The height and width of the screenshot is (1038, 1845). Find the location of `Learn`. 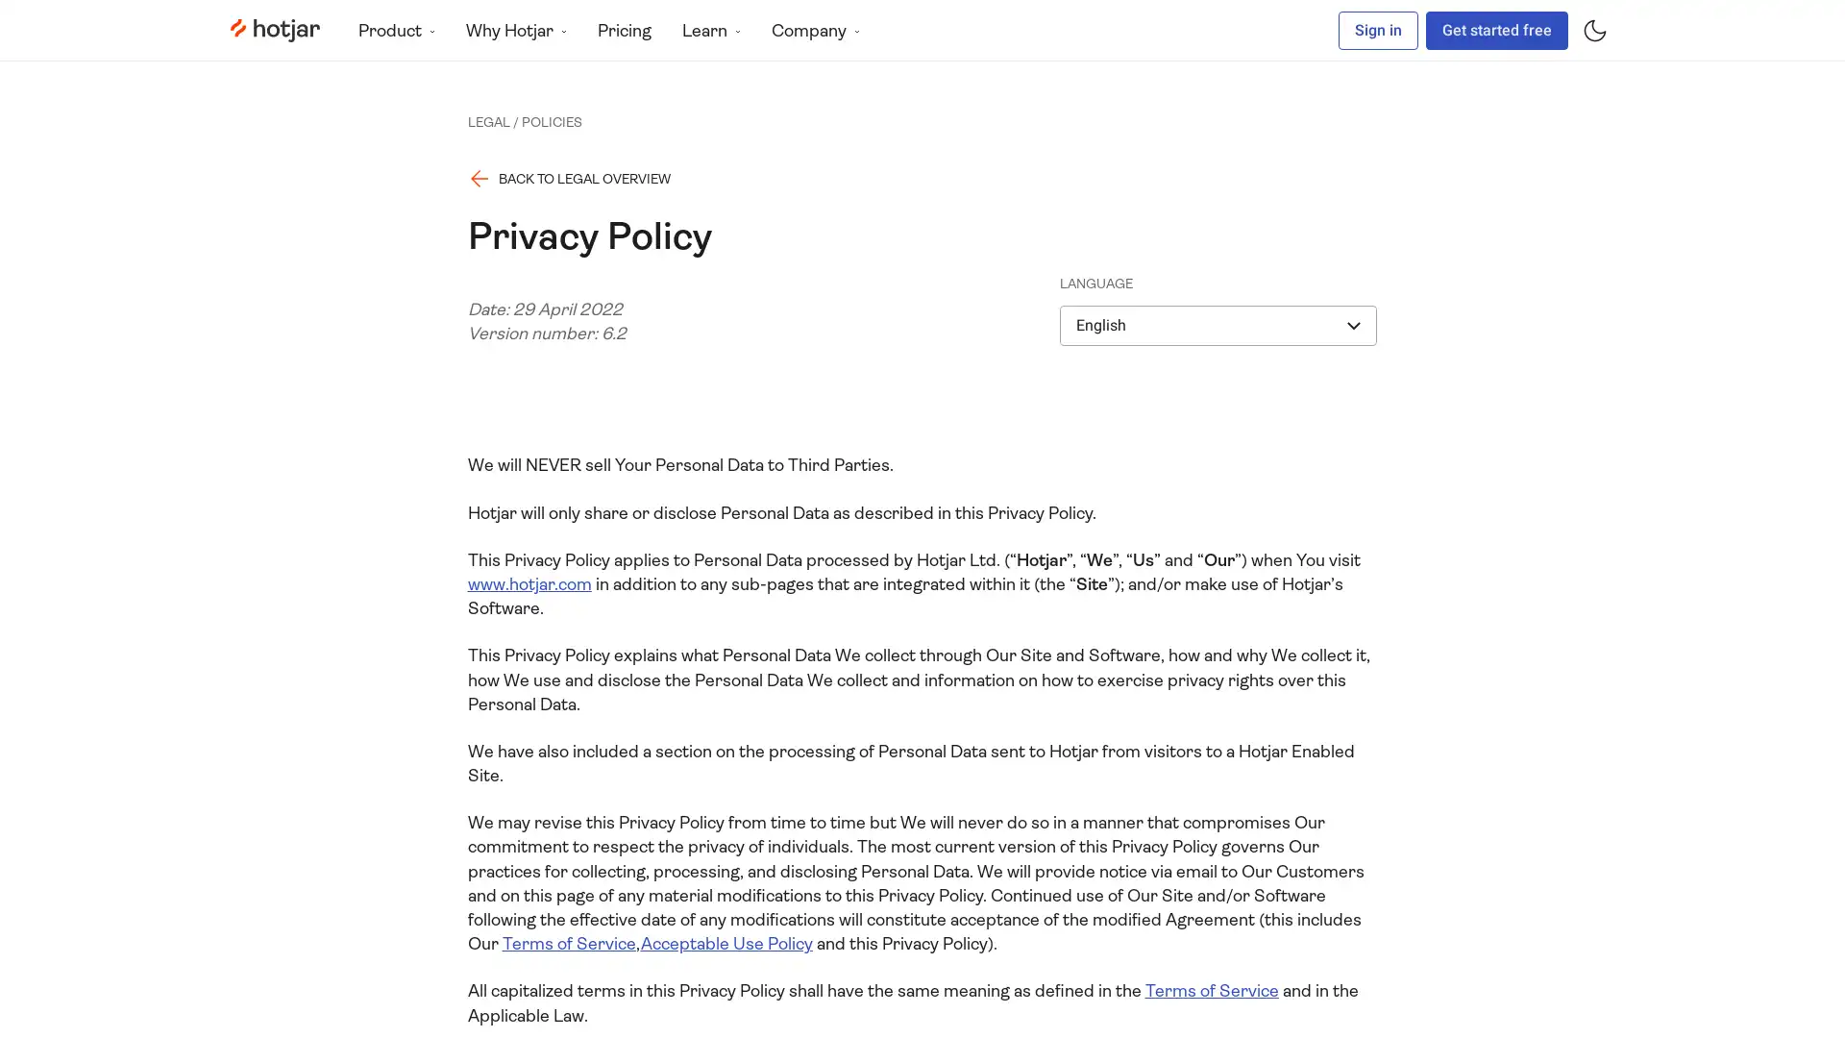

Learn is located at coordinates (710, 30).